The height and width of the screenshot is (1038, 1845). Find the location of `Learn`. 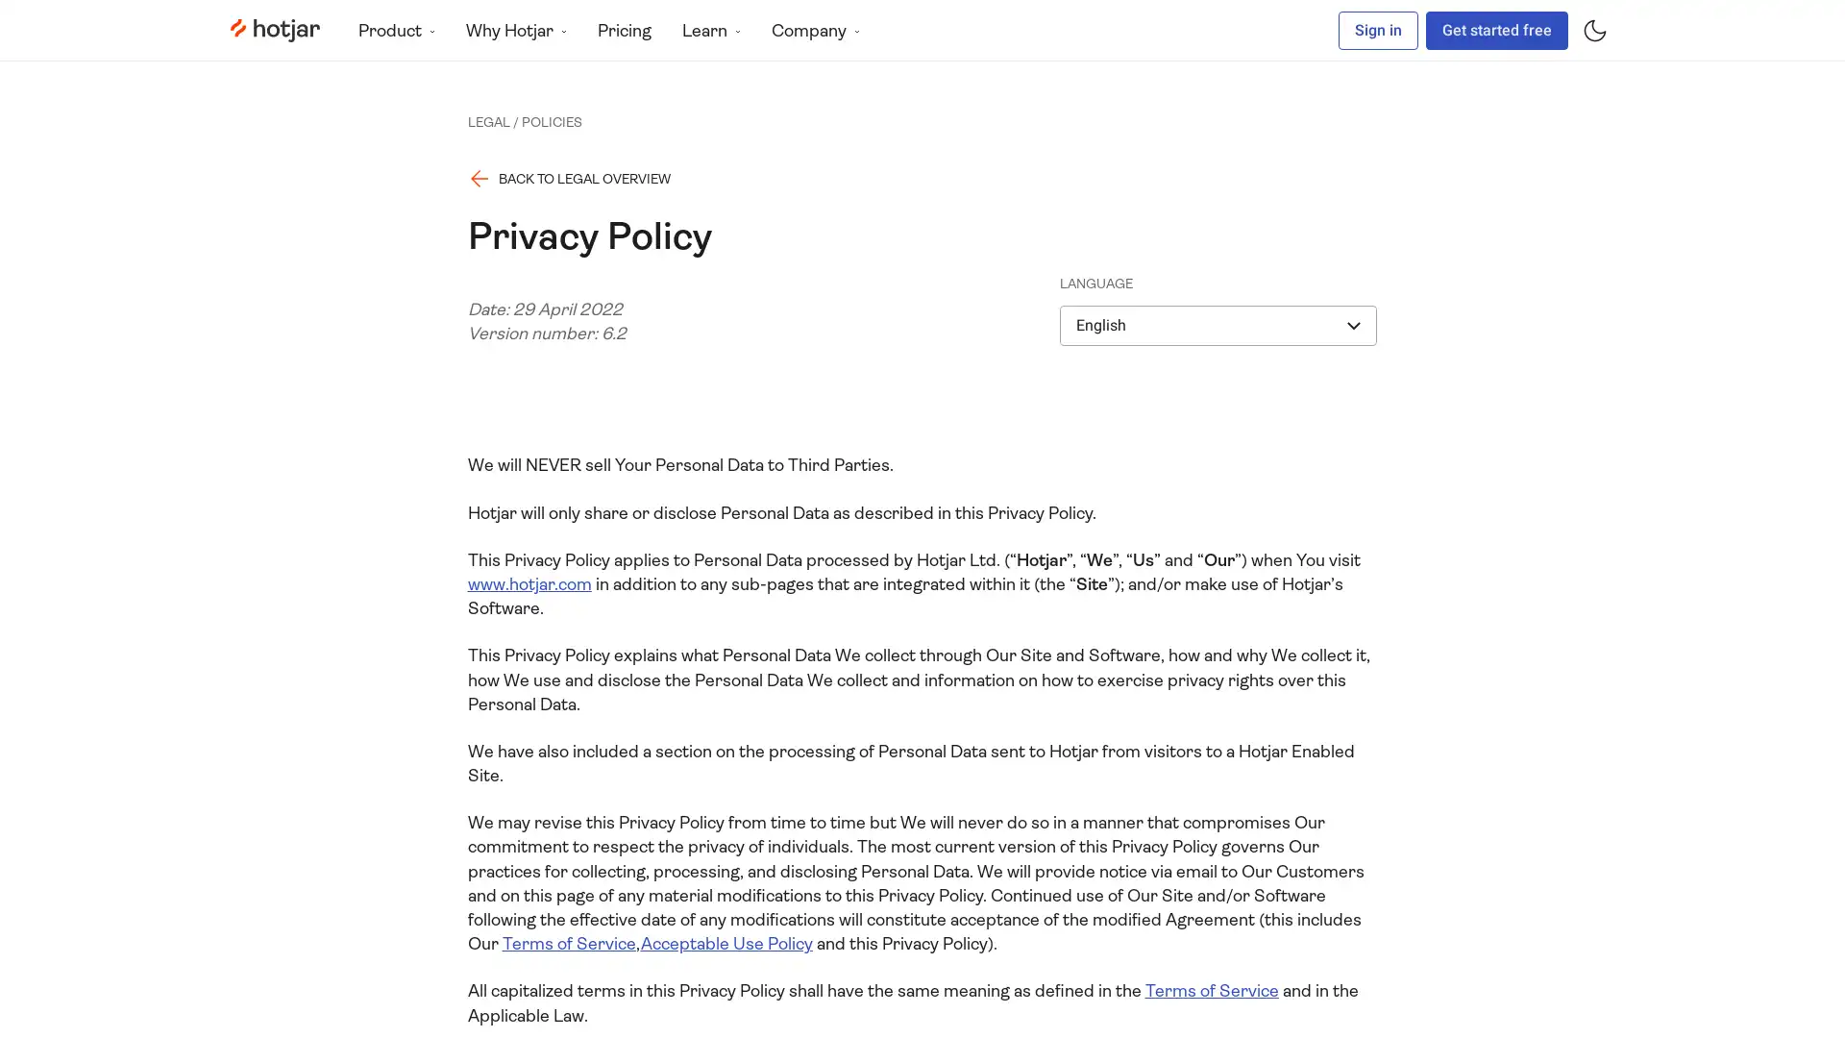

Learn is located at coordinates (710, 30).